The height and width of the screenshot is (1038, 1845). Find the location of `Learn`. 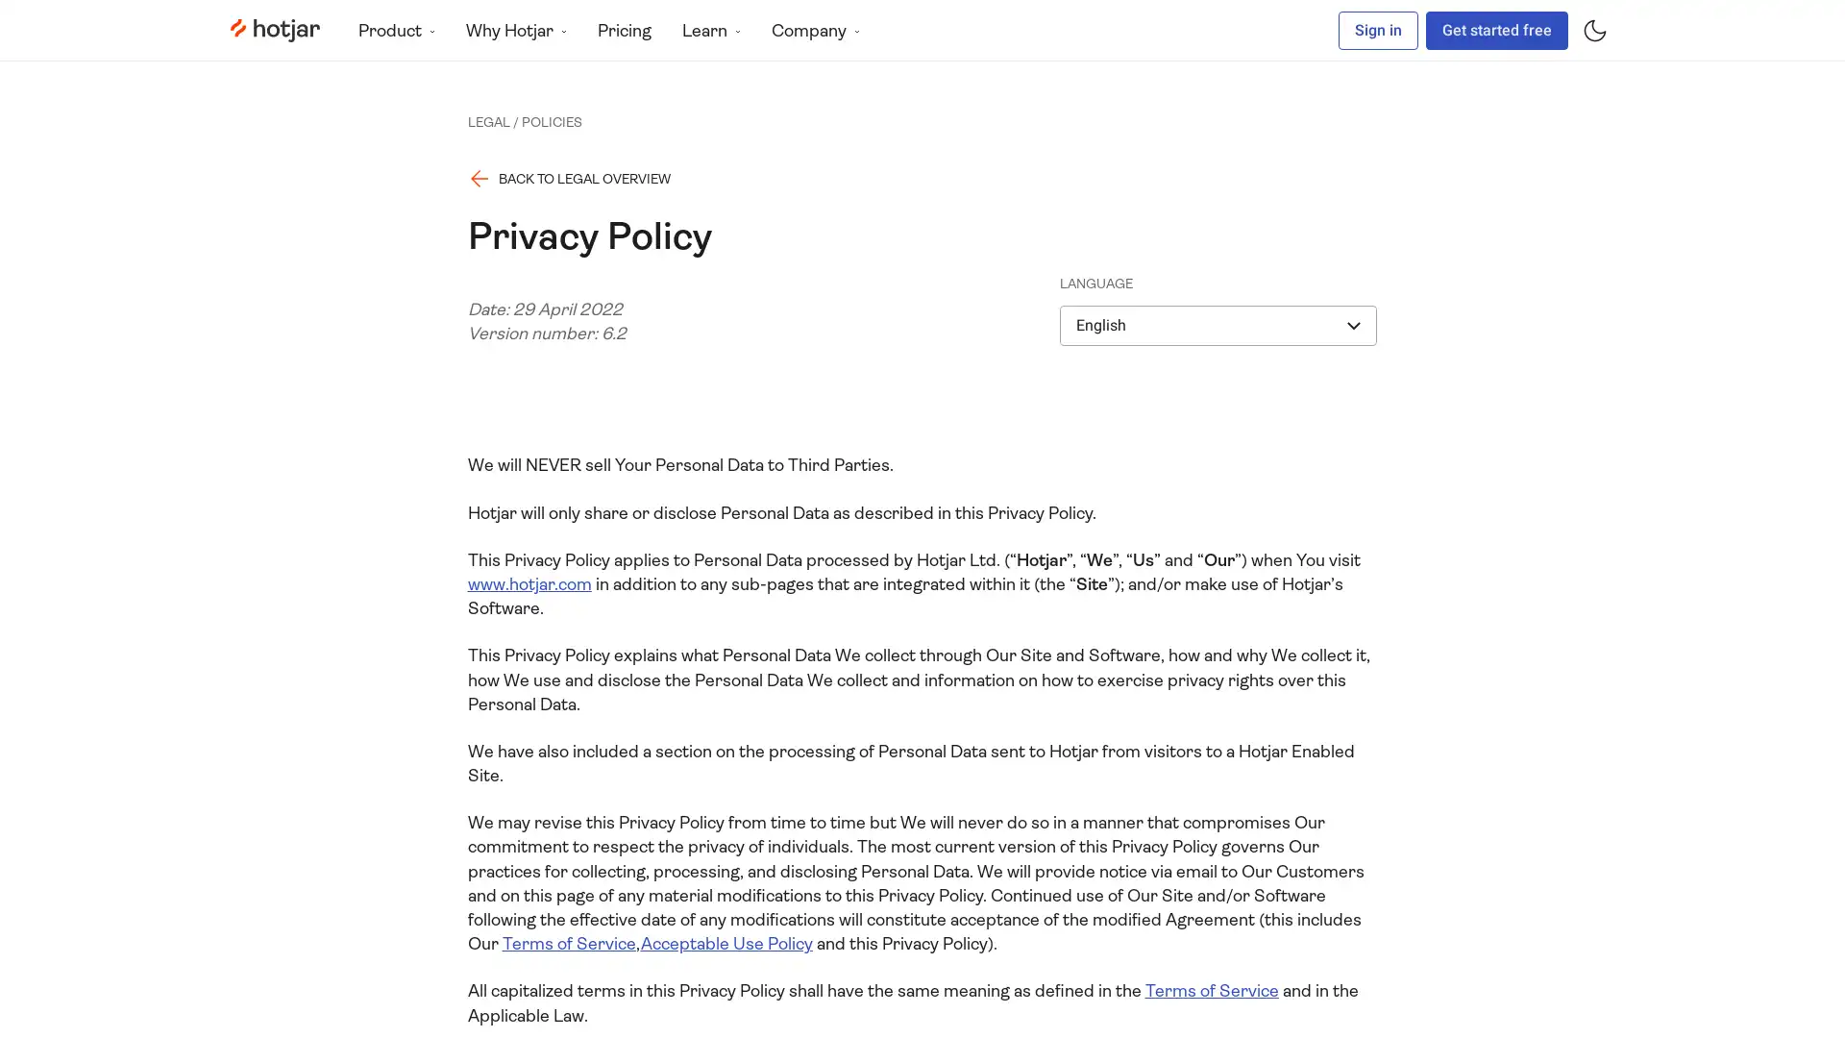

Learn is located at coordinates (710, 30).